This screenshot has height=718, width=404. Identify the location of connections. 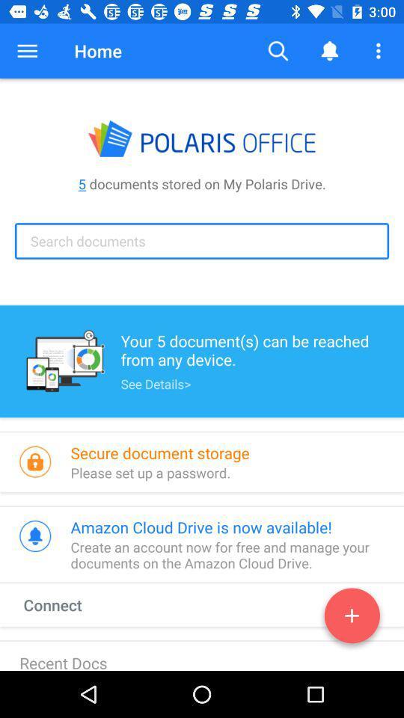
(352, 619).